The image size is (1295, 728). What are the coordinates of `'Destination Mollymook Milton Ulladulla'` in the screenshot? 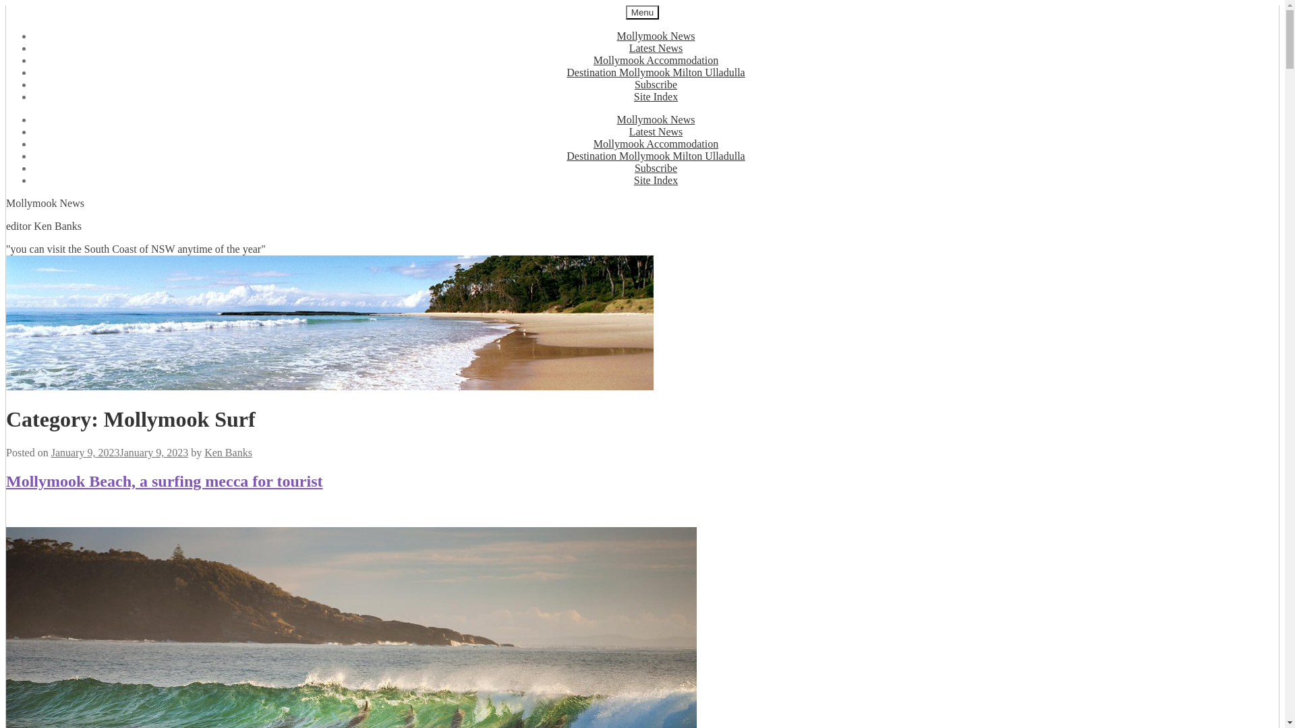 It's located at (655, 72).